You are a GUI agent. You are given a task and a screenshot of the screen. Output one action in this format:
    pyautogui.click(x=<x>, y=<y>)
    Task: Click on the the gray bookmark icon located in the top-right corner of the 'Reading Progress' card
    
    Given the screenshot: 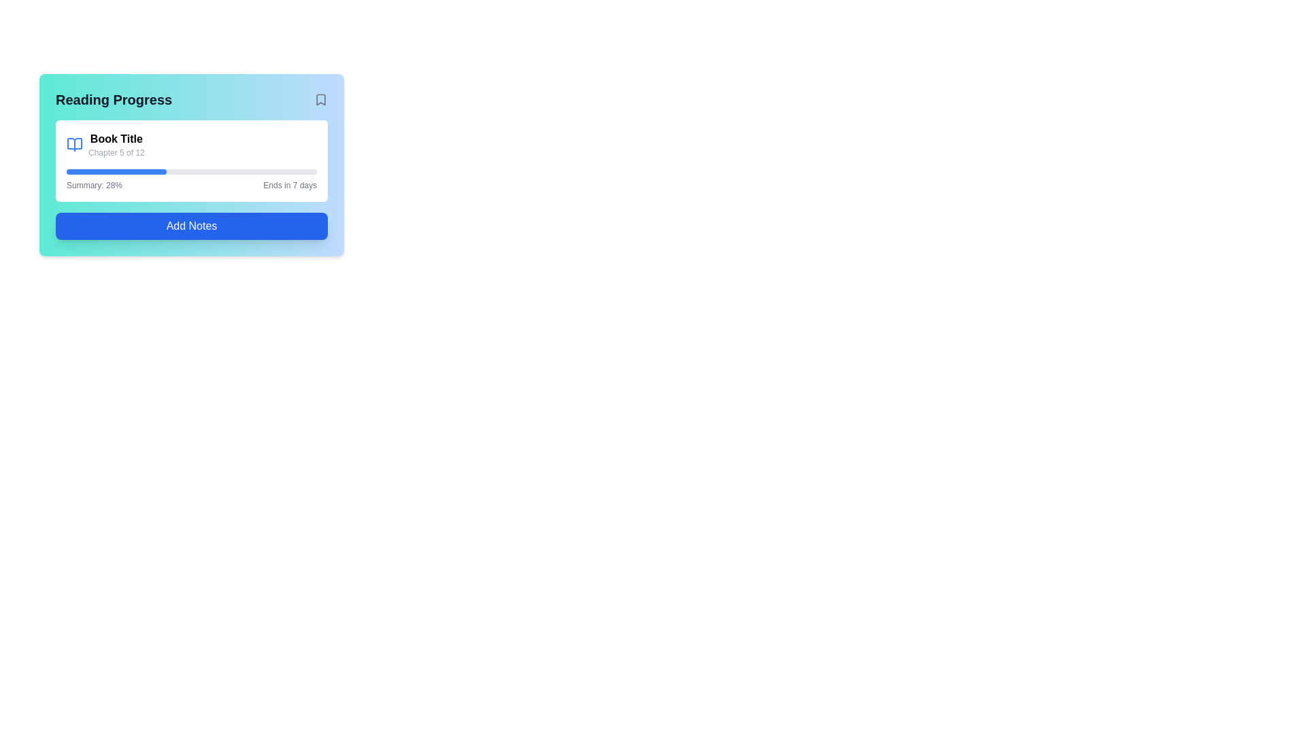 What is the action you would take?
    pyautogui.click(x=320, y=99)
    